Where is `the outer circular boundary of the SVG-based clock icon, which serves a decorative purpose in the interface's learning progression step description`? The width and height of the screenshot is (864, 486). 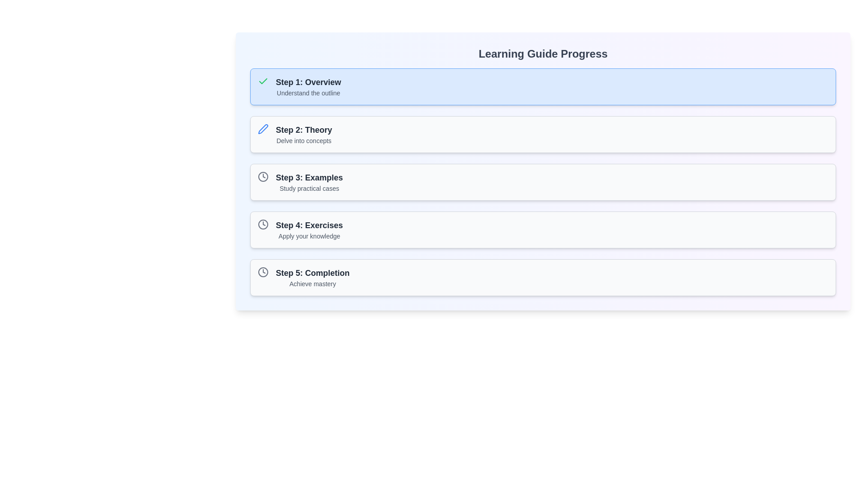
the outer circular boundary of the SVG-based clock icon, which serves a decorative purpose in the interface's learning progression step description is located at coordinates (263, 177).